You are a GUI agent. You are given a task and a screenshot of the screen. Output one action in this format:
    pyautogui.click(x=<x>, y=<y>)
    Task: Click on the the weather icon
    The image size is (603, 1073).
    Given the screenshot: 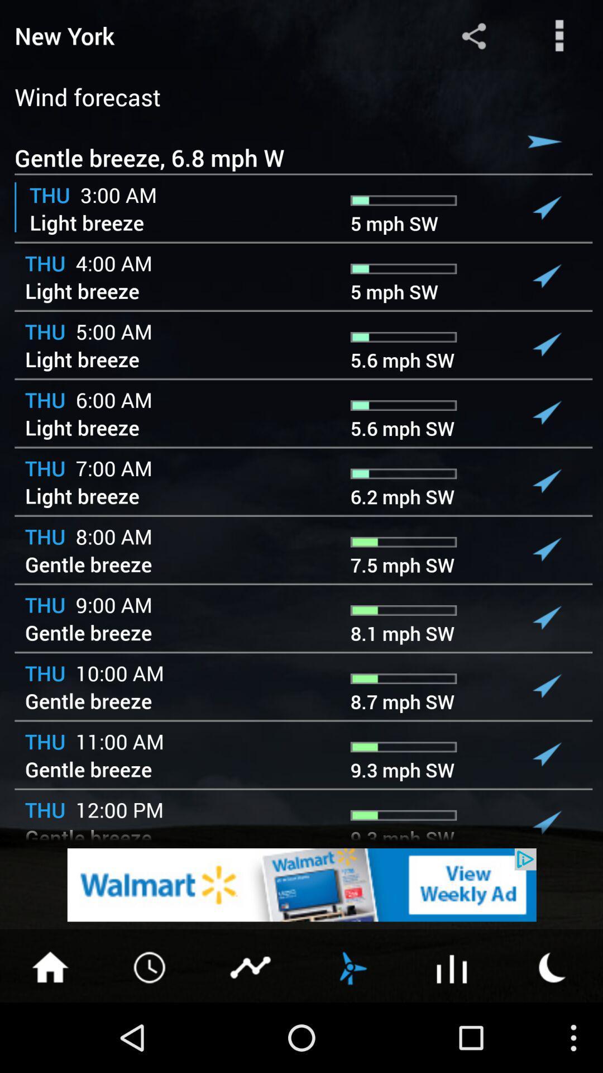 What is the action you would take?
    pyautogui.click(x=351, y=1033)
    